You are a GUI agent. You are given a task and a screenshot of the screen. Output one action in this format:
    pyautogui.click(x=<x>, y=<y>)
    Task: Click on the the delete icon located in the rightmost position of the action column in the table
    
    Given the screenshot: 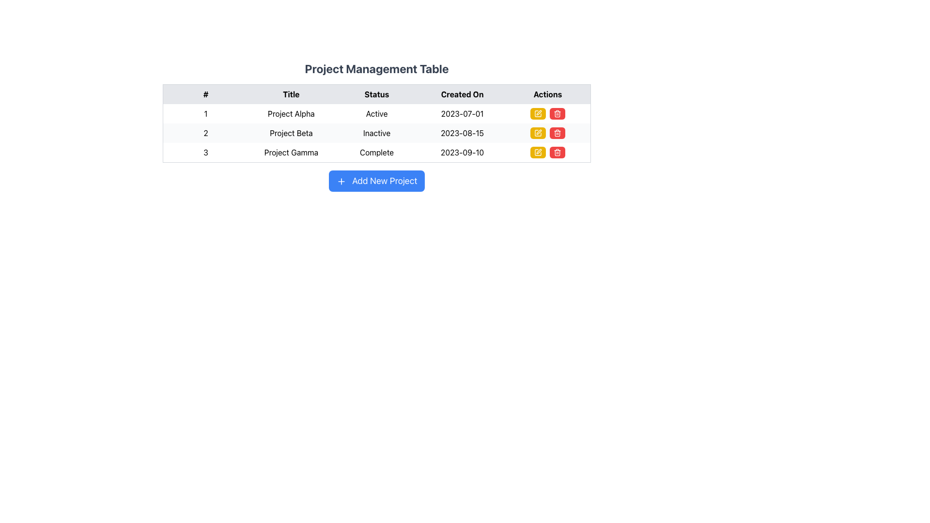 What is the action you would take?
    pyautogui.click(x=557, y=153)
    